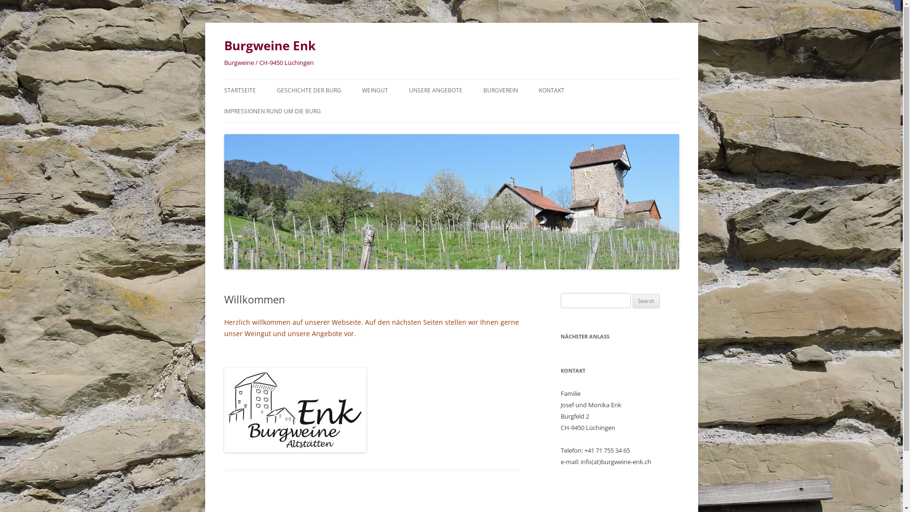  Describe the element at coordinates (646, 301) in the screenshot. I see `'Search'` at that location.